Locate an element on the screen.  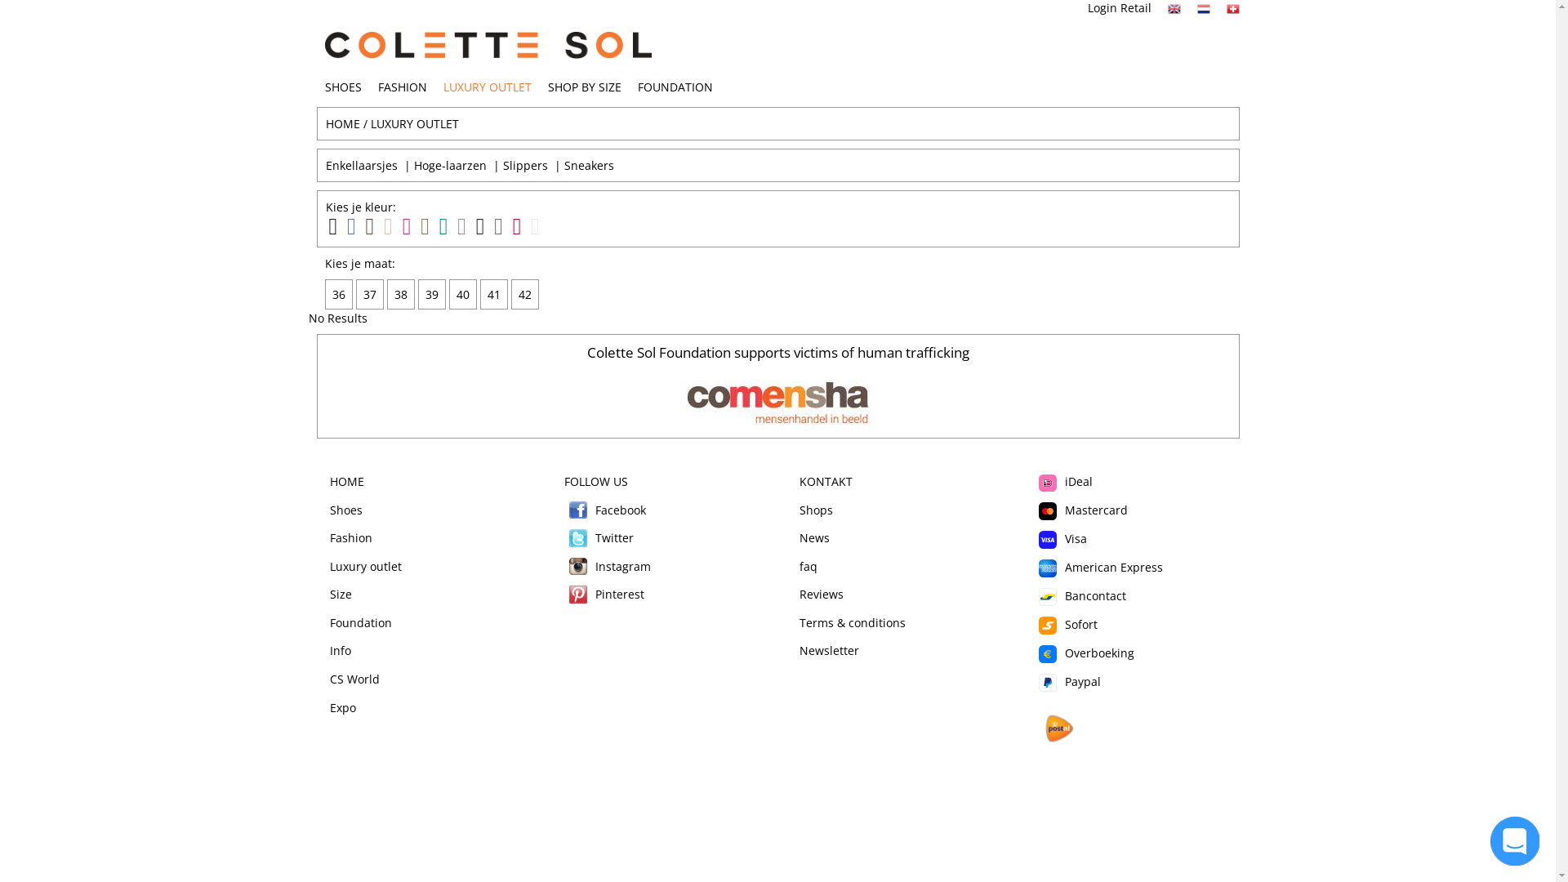
'Size' is located at coordinates (340, 594).